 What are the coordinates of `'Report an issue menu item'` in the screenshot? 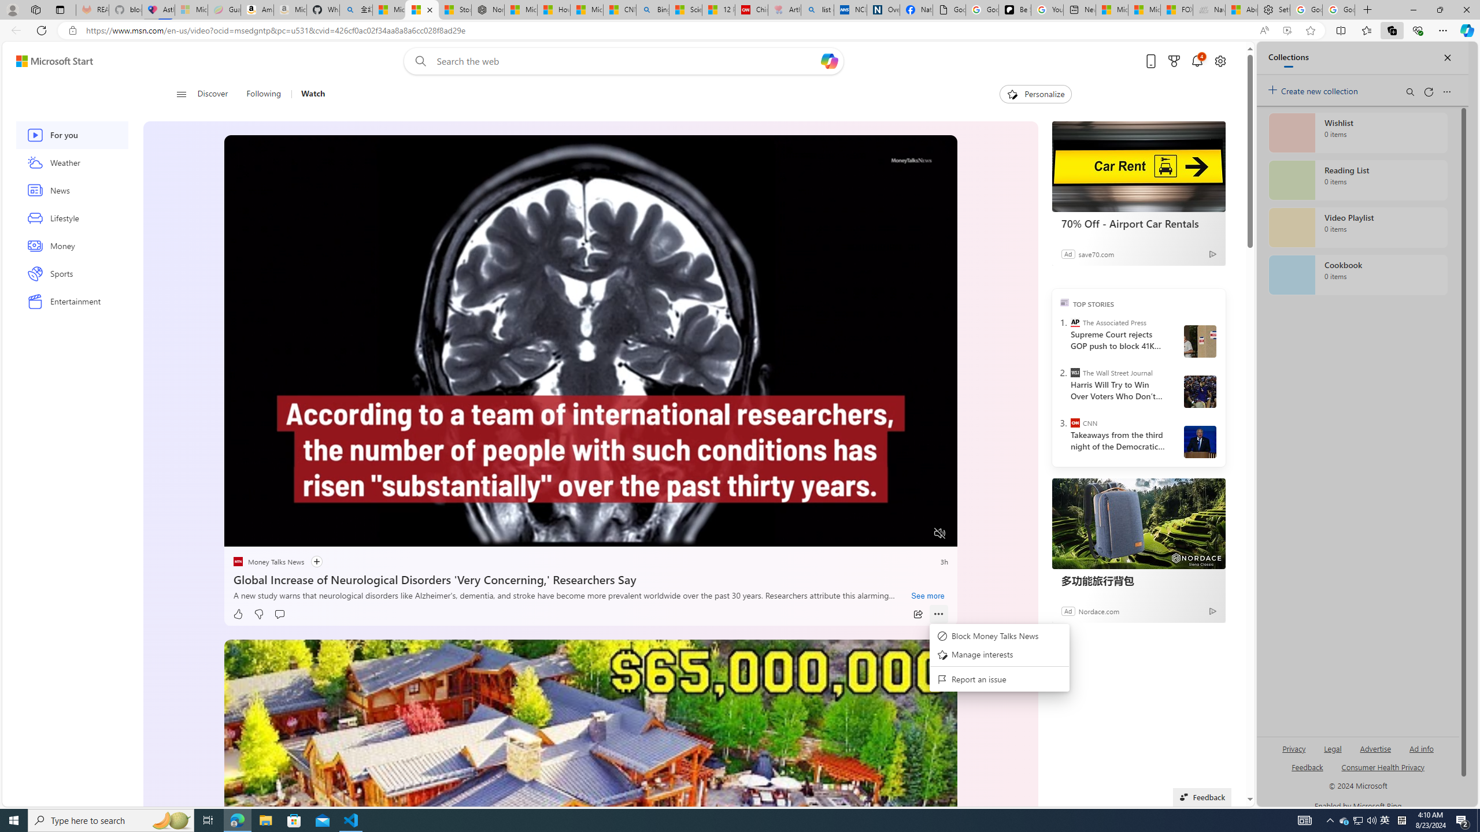 It's located at (999, 679).